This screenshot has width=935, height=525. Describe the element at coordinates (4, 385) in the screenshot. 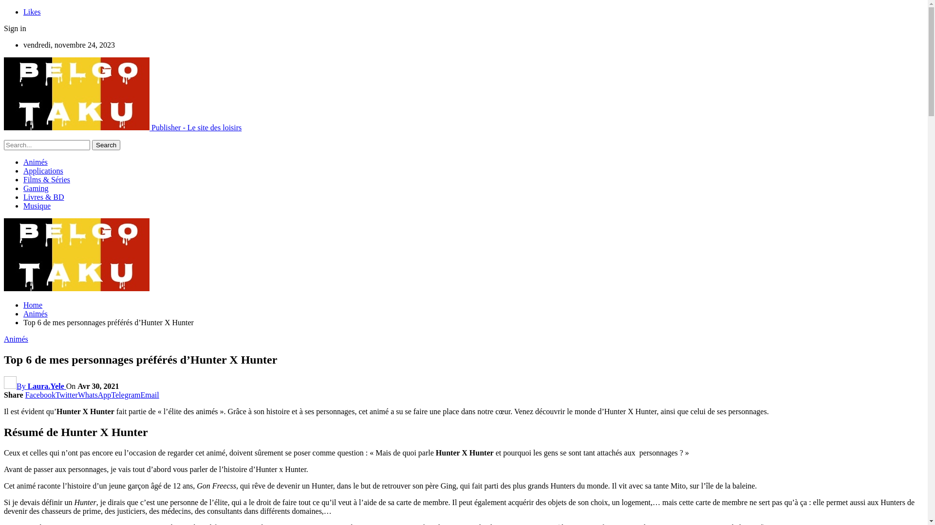

I see `'By Laura.Yele'` at that location.